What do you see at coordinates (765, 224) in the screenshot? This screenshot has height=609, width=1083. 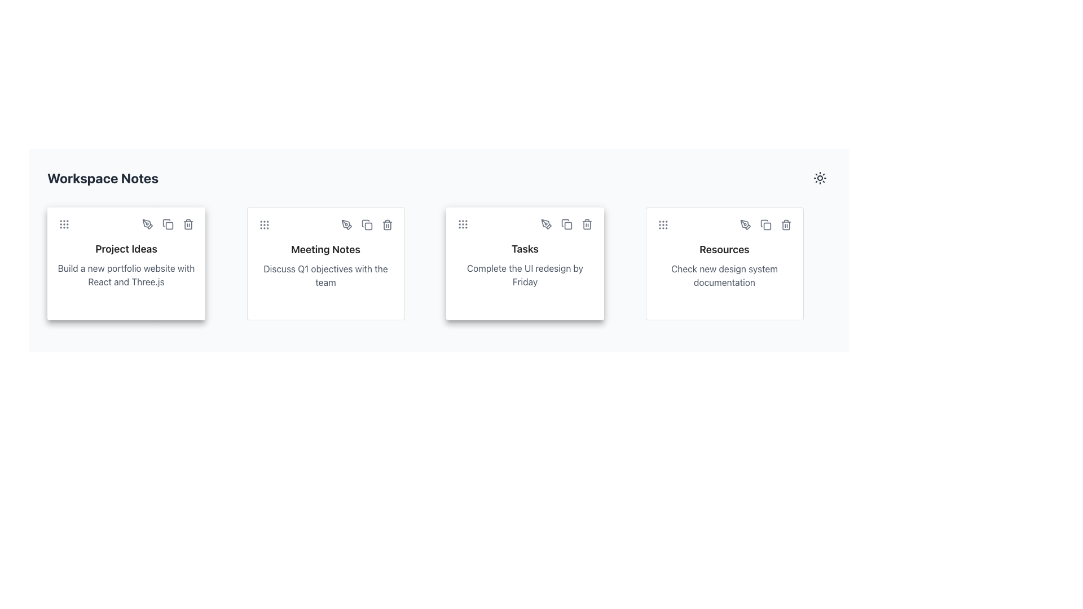 I see `the duplicate icon button located in the top-right corner of the 'Resources' card, positioned between the eye icon and the trash icon, to duplicate the associated content` at bounding box center [765, 224].